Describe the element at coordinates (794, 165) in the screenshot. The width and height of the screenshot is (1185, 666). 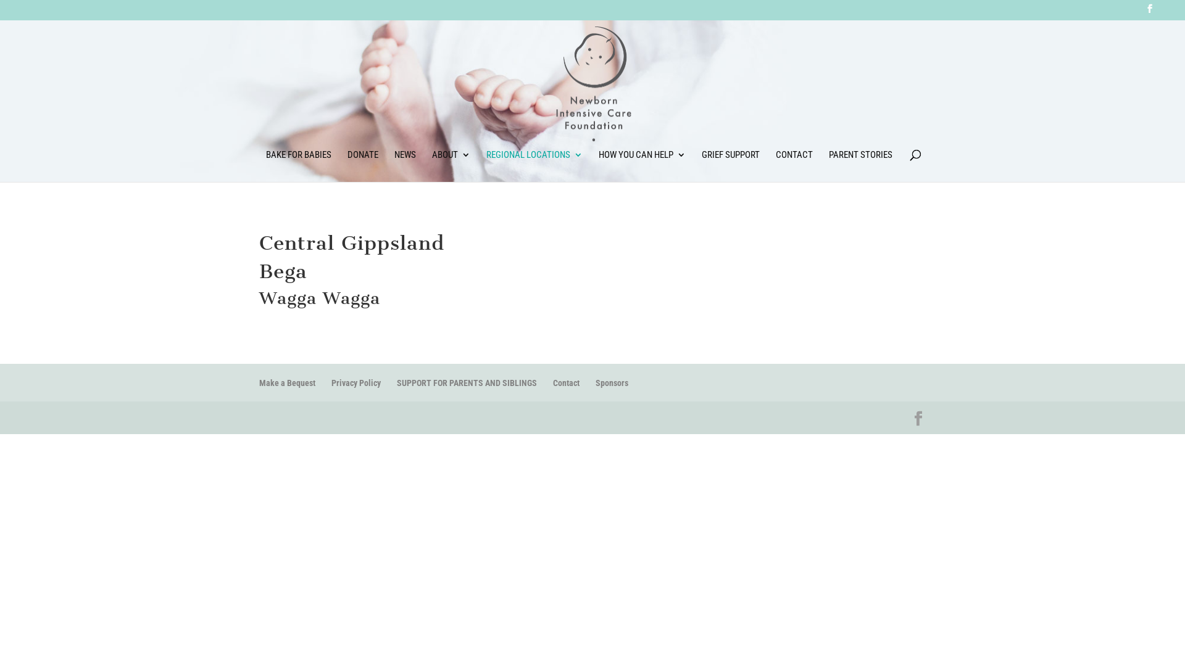
I see `'CONTACT'` at that location.